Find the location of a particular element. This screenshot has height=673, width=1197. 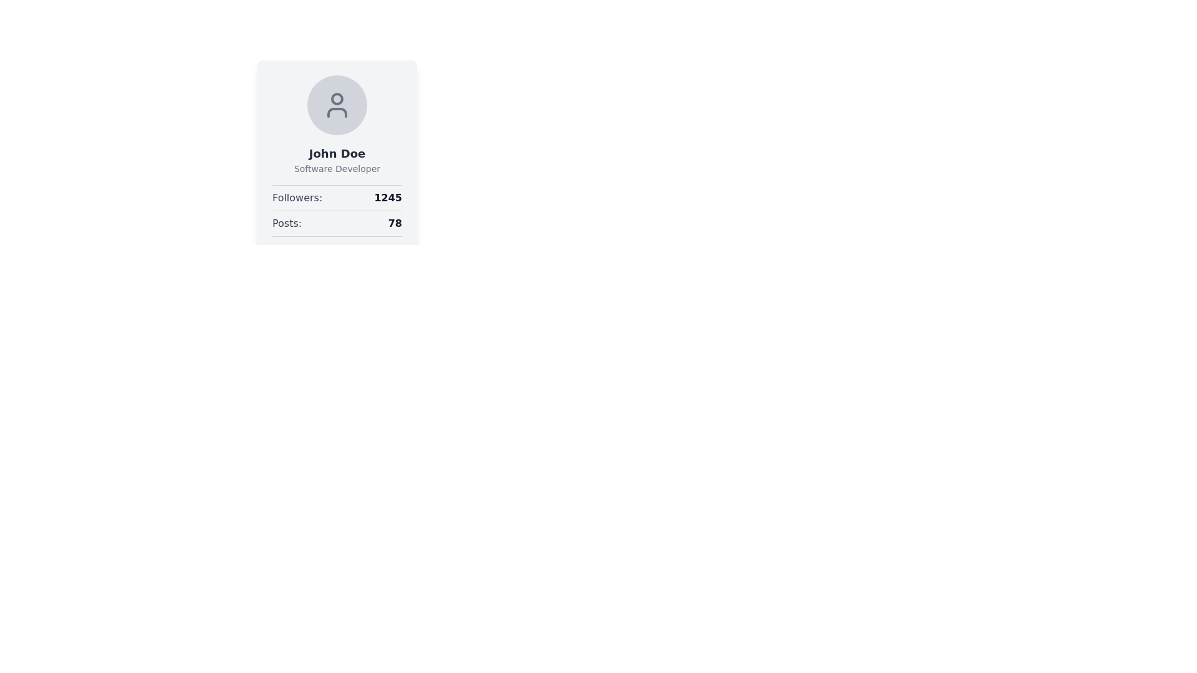

the text label that describes the professional title or occupation of the individual in the profile card, positioned below 'John Doe' and above 'Followers' and 'Posts' is located at coordinates (337, 168).